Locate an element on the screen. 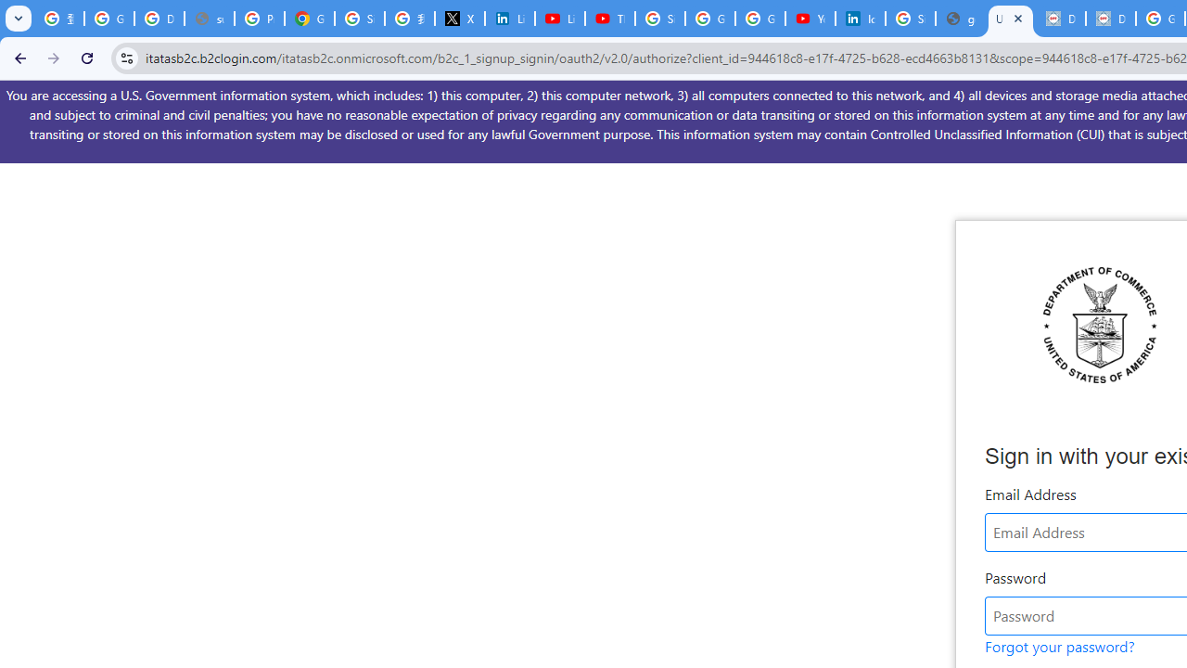 The image size is (1187, 668). 'Privacy Help Center - Policies Help' is located at coordinates (259, 19).